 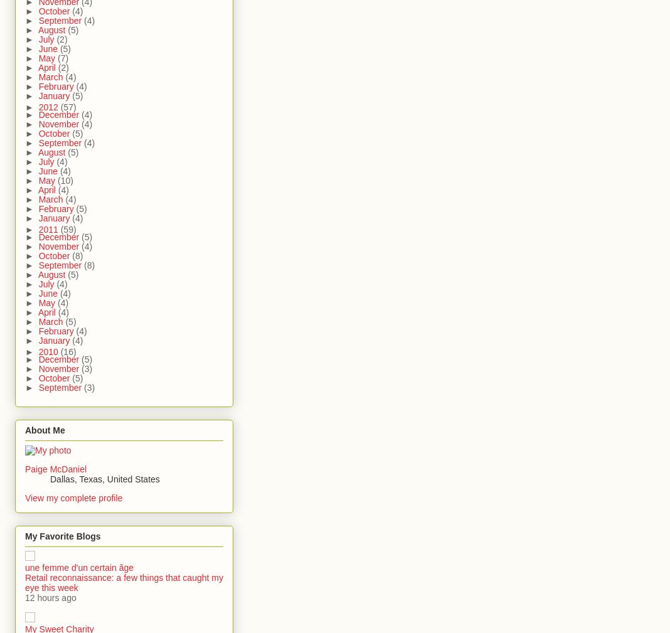 What do you see at coordinates (61, 536) in the screenshot?
I see `'My Favorite Blogs'` at bounding box center [61, 536].